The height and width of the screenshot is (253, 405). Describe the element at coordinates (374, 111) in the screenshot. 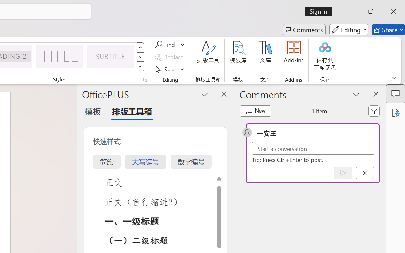

I see `'Filter'` at that location.